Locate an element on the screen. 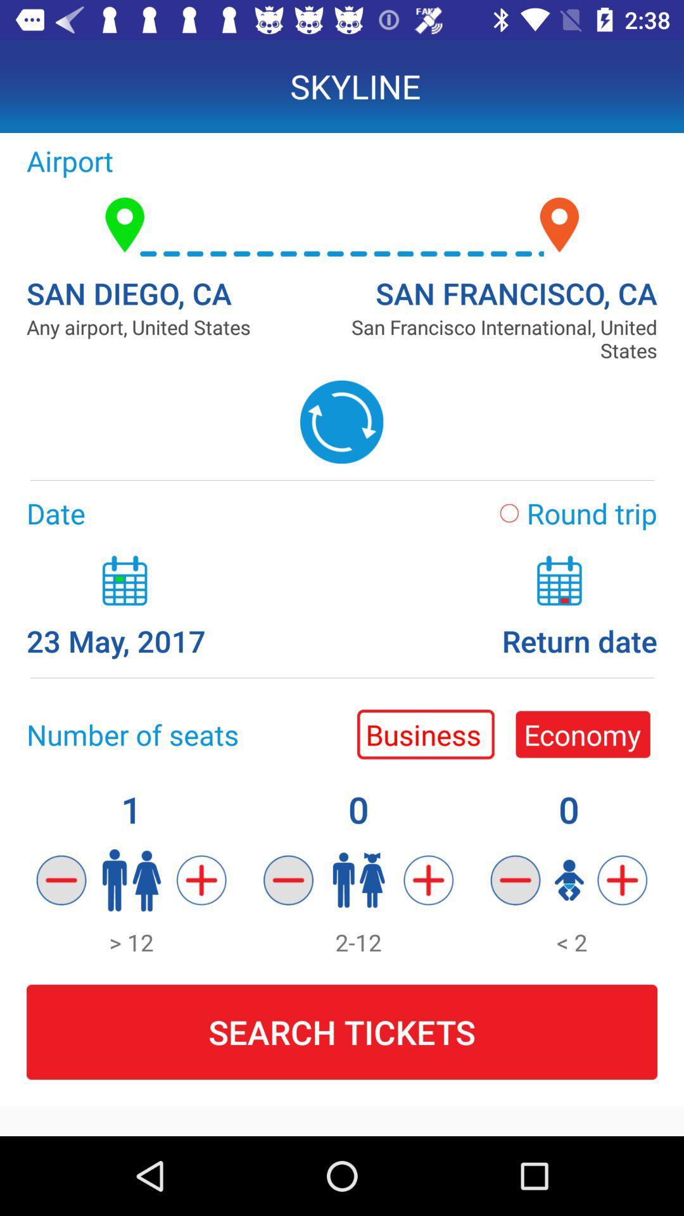 This screenshot has height=1216, width=684. round trip button is located at coordinates (571, 513).